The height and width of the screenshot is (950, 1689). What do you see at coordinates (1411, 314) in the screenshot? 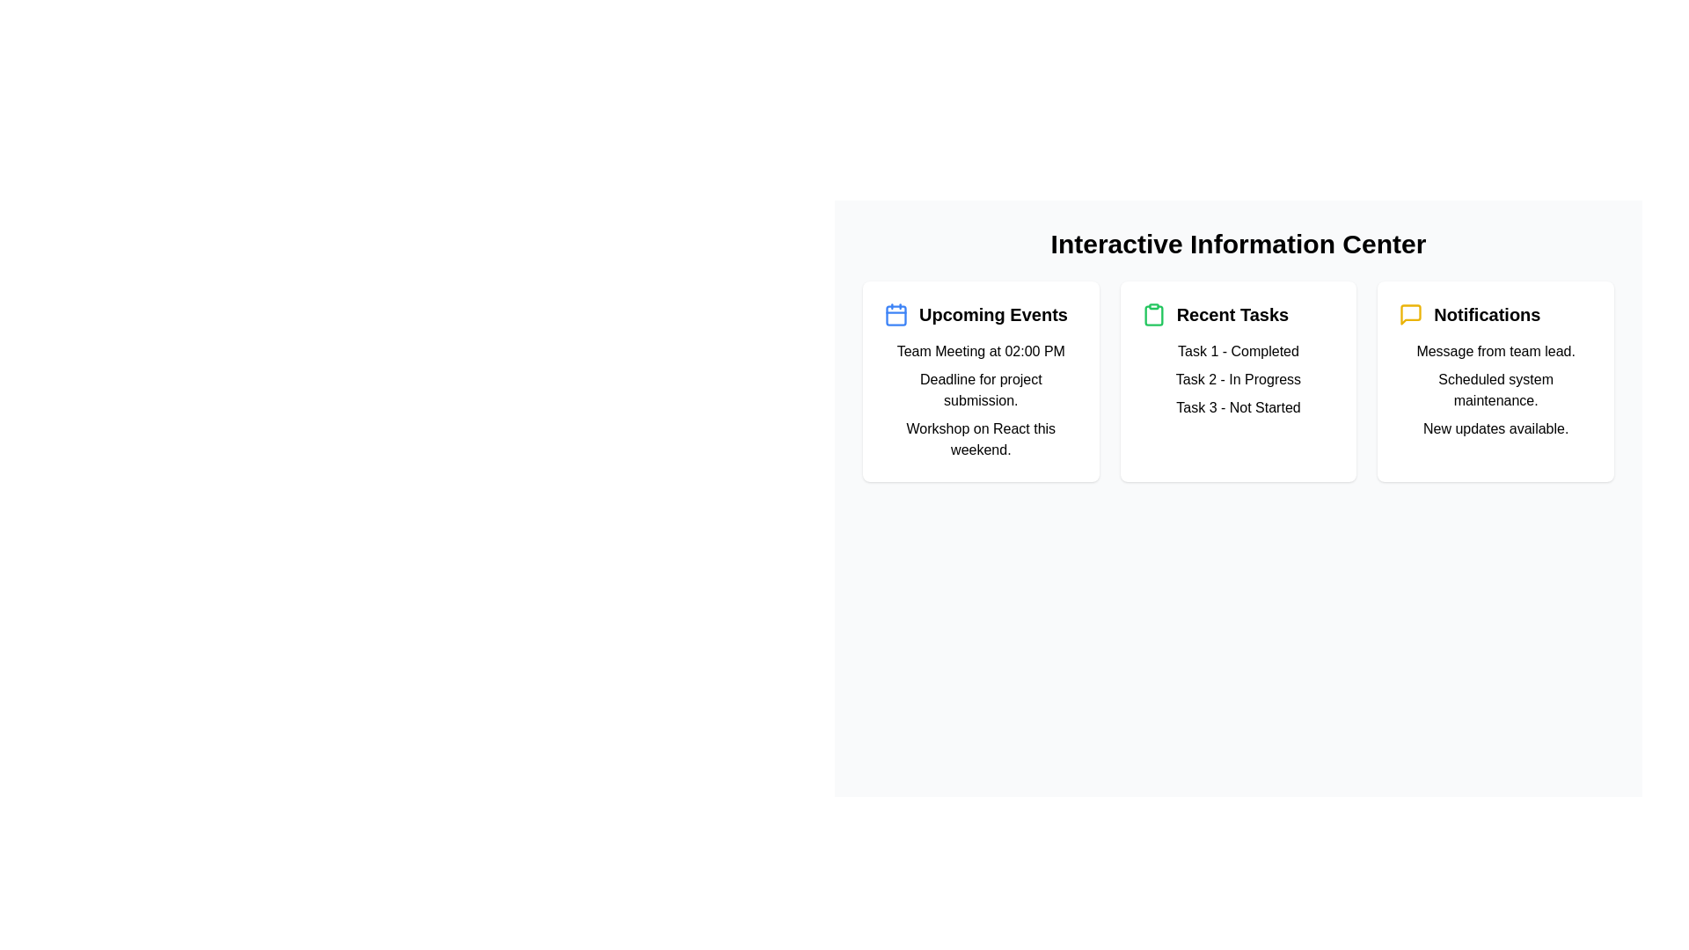
I see `the notifications icon, which serves as a visual indicator for the notifications section, located to the left of the text 'Notifications'` at bounding box center [1411, 314].